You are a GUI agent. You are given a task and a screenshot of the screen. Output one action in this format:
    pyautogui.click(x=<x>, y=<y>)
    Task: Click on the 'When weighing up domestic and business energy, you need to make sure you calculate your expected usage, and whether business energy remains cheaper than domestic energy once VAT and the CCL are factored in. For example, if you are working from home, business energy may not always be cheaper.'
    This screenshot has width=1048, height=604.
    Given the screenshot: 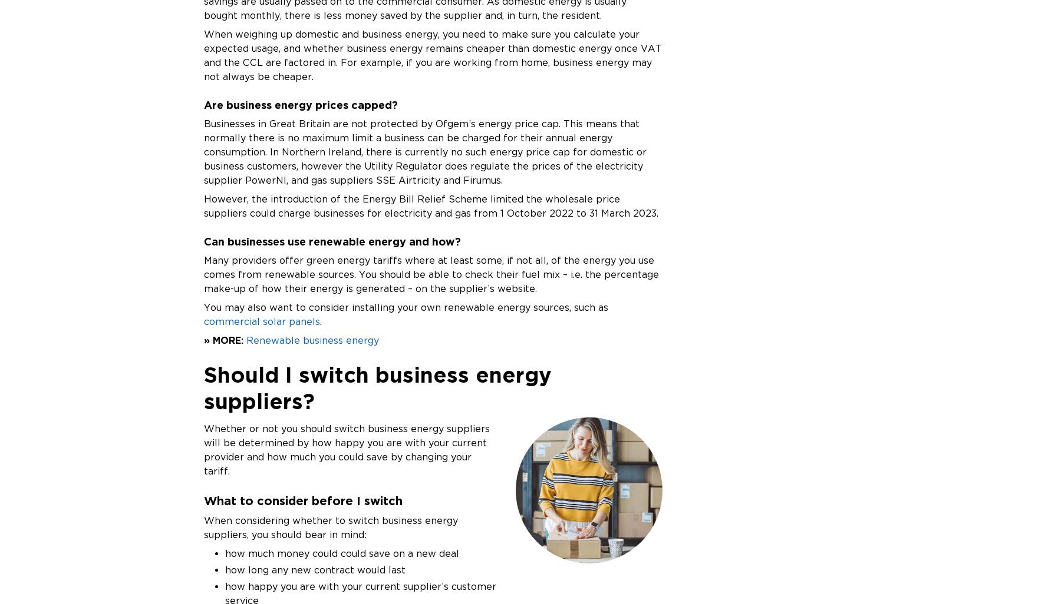 What is the action you would take?
    pyautogui.click(x=432, y=54)
    